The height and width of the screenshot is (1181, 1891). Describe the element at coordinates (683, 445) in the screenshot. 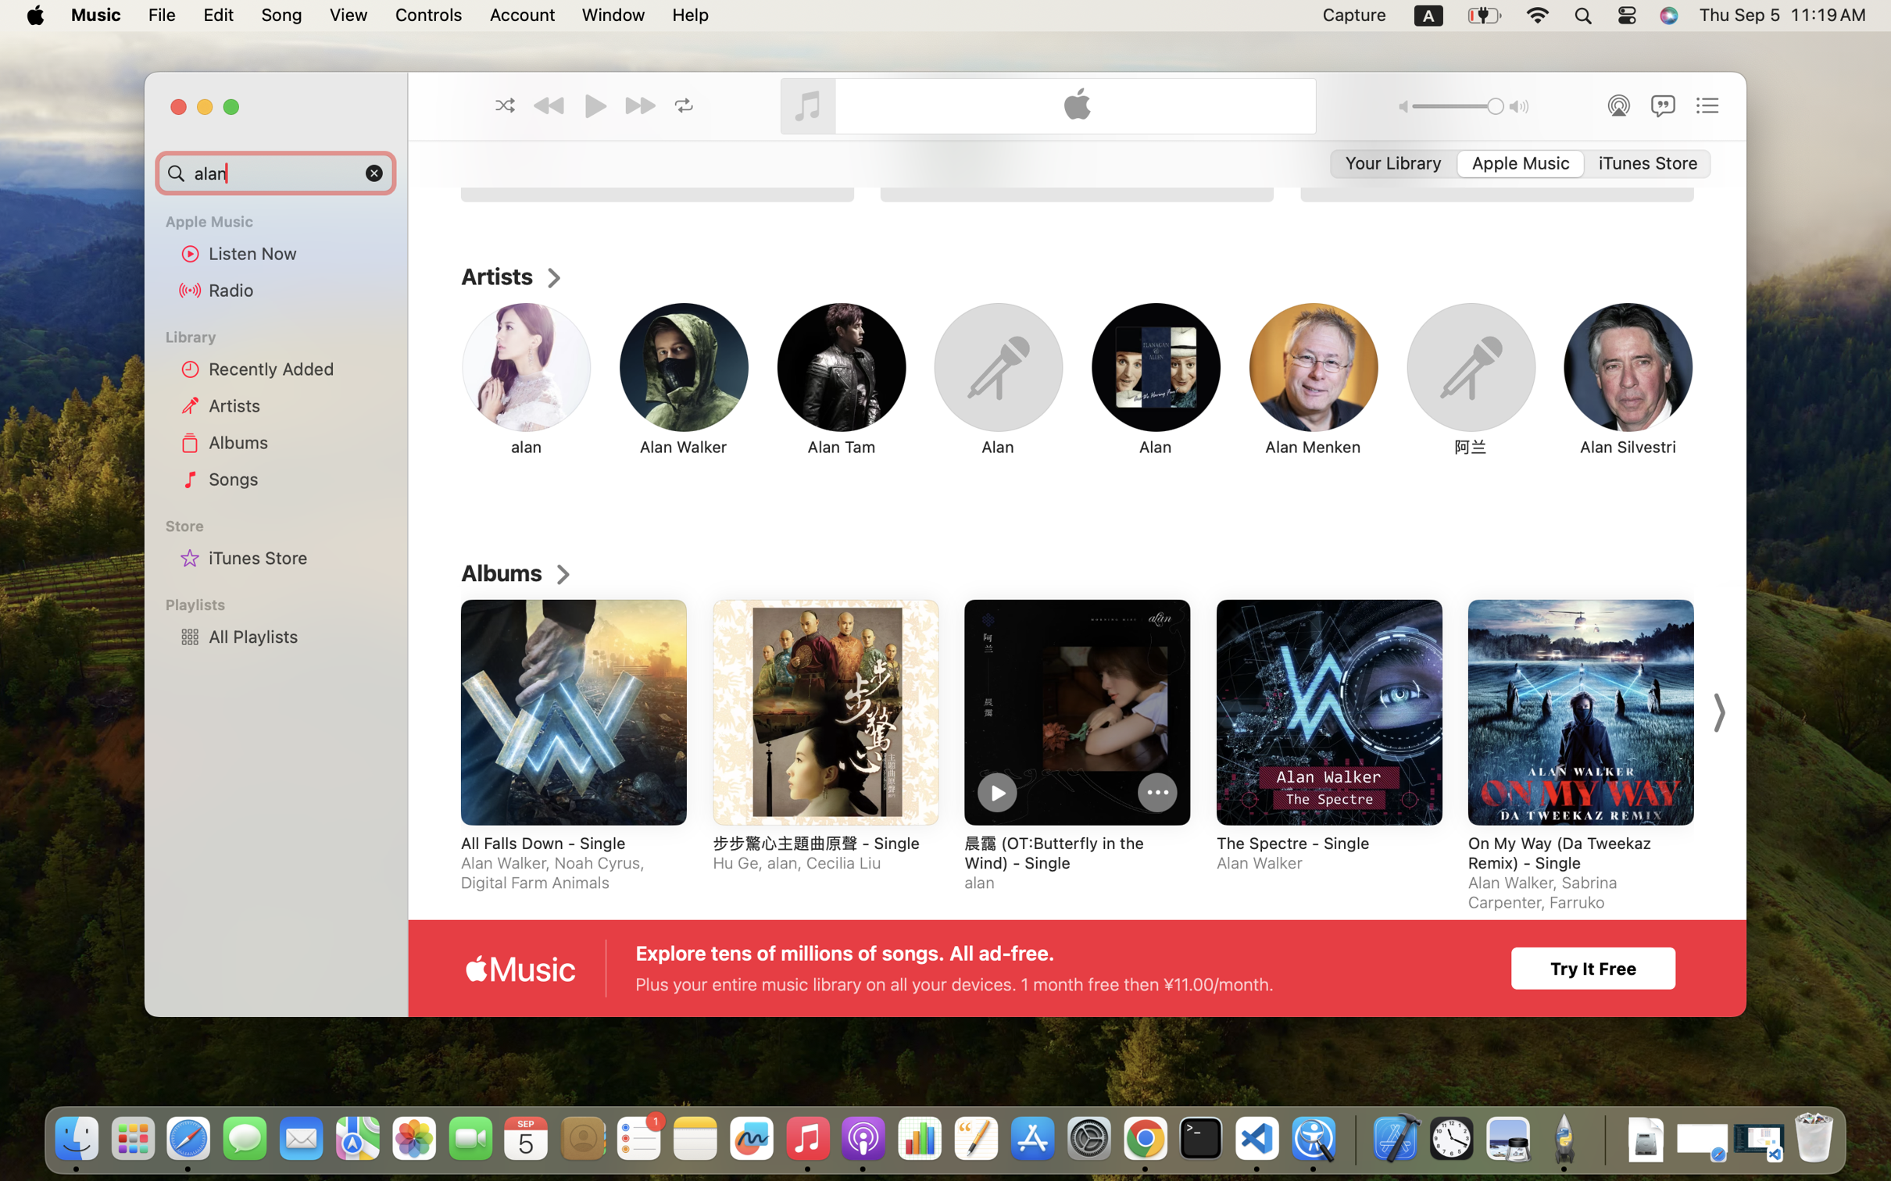

I see `'Alan Walker'` at that location.